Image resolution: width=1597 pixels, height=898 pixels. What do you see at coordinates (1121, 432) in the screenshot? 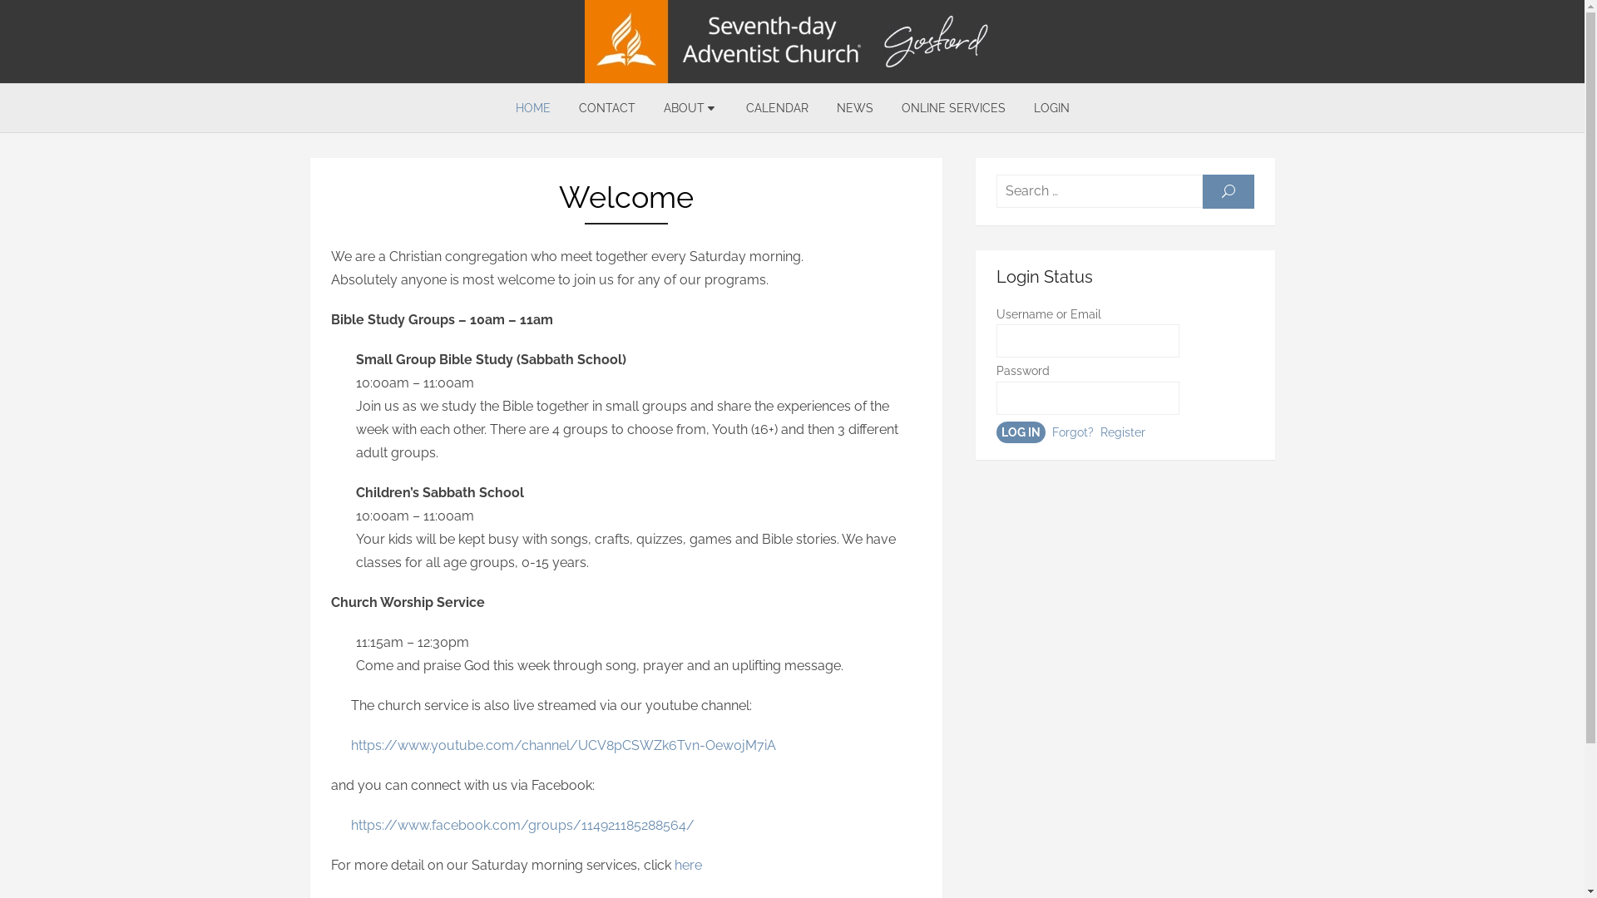
I see `'Register'` at bounding box center [1121, 432].